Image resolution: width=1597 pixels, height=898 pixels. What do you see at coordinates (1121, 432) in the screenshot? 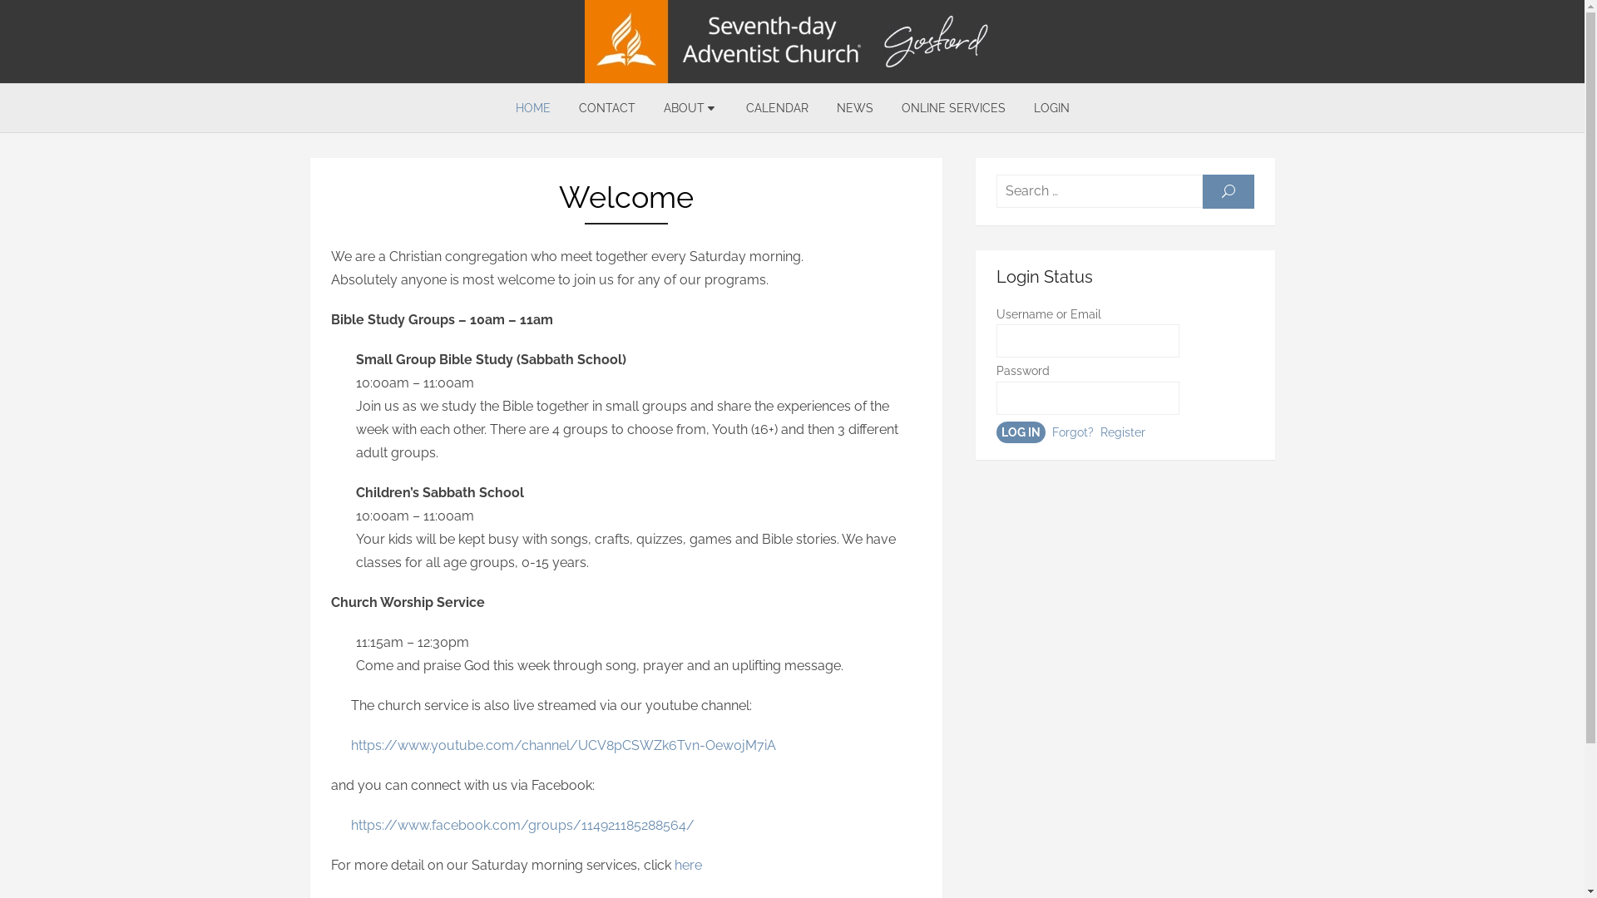
I see `'Register'` at bounding box center [1121, 432].